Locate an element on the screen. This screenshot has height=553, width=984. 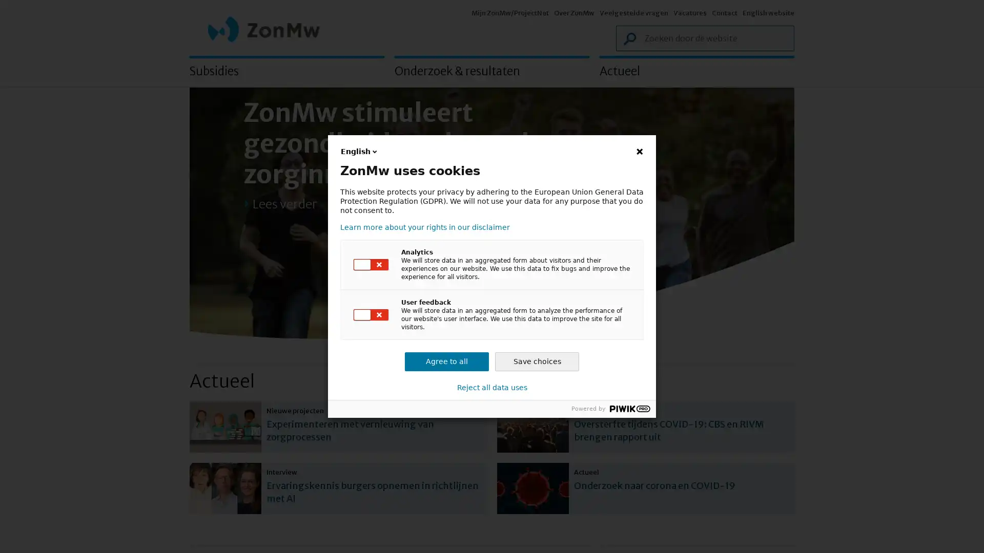
Zoek is located at coordinates (787, 38).